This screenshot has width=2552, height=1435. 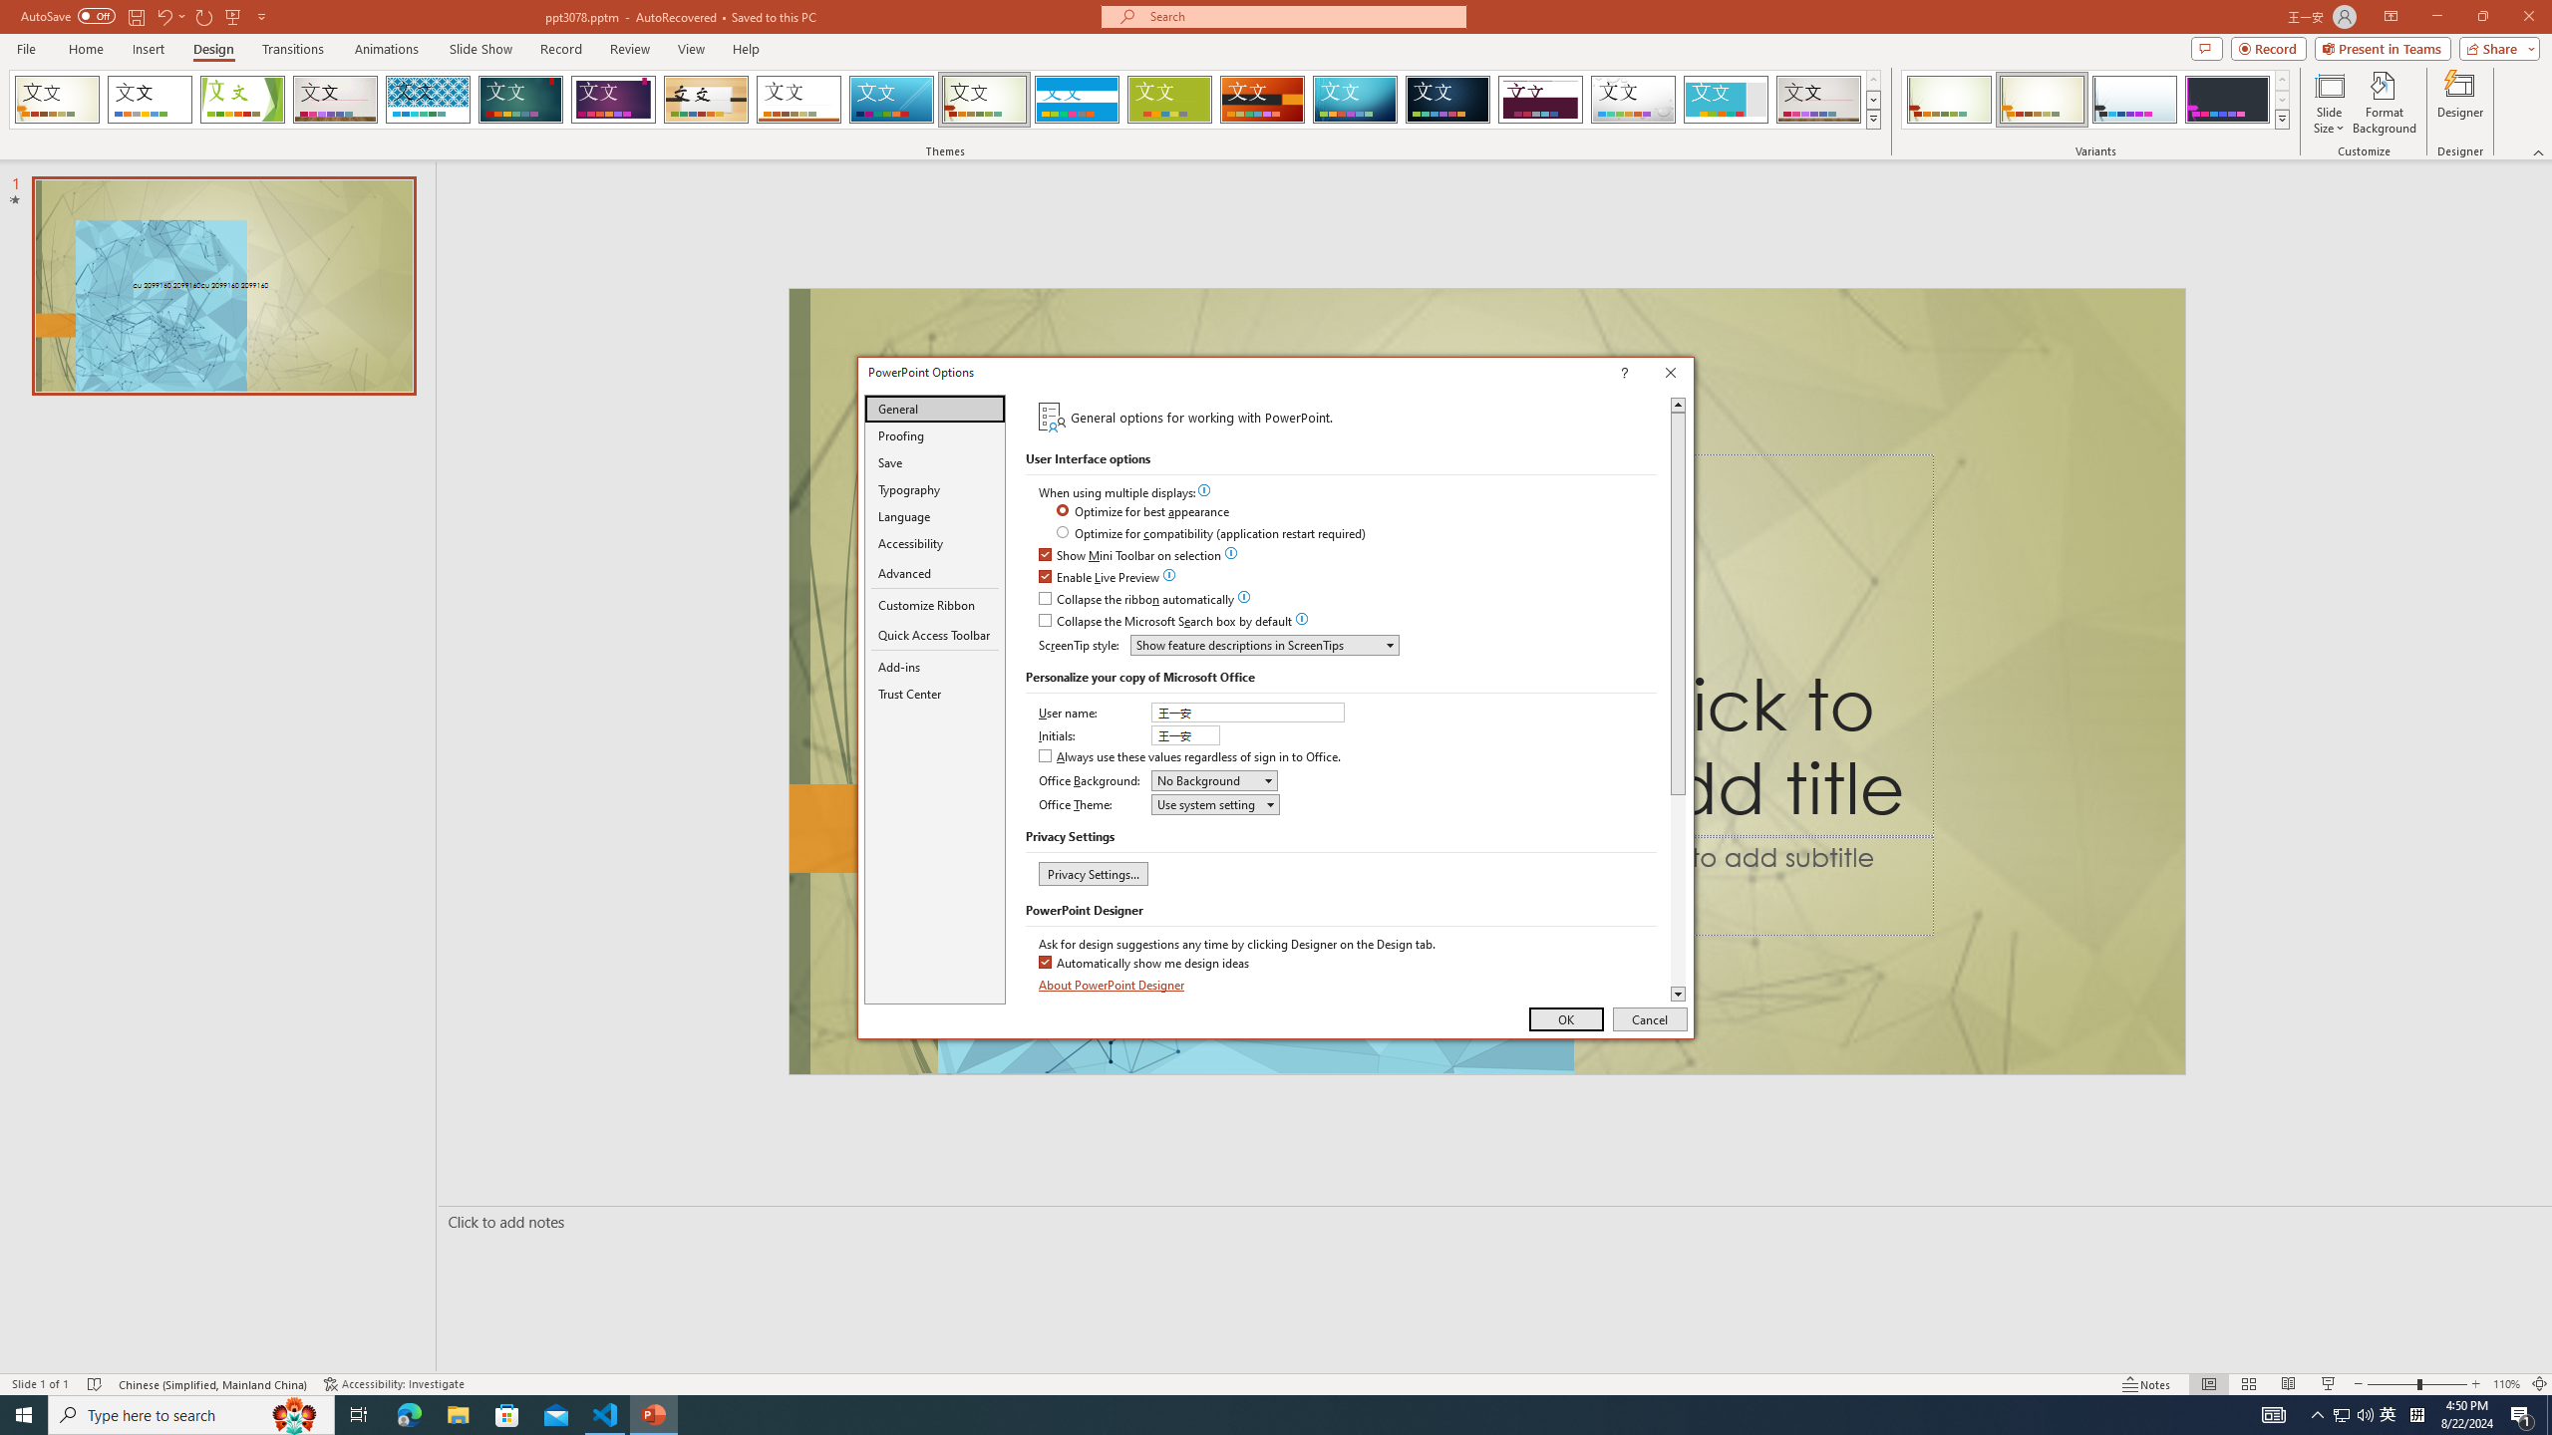 I want to click on 'Wisp Variant 3', so click(x=2133, y=99).